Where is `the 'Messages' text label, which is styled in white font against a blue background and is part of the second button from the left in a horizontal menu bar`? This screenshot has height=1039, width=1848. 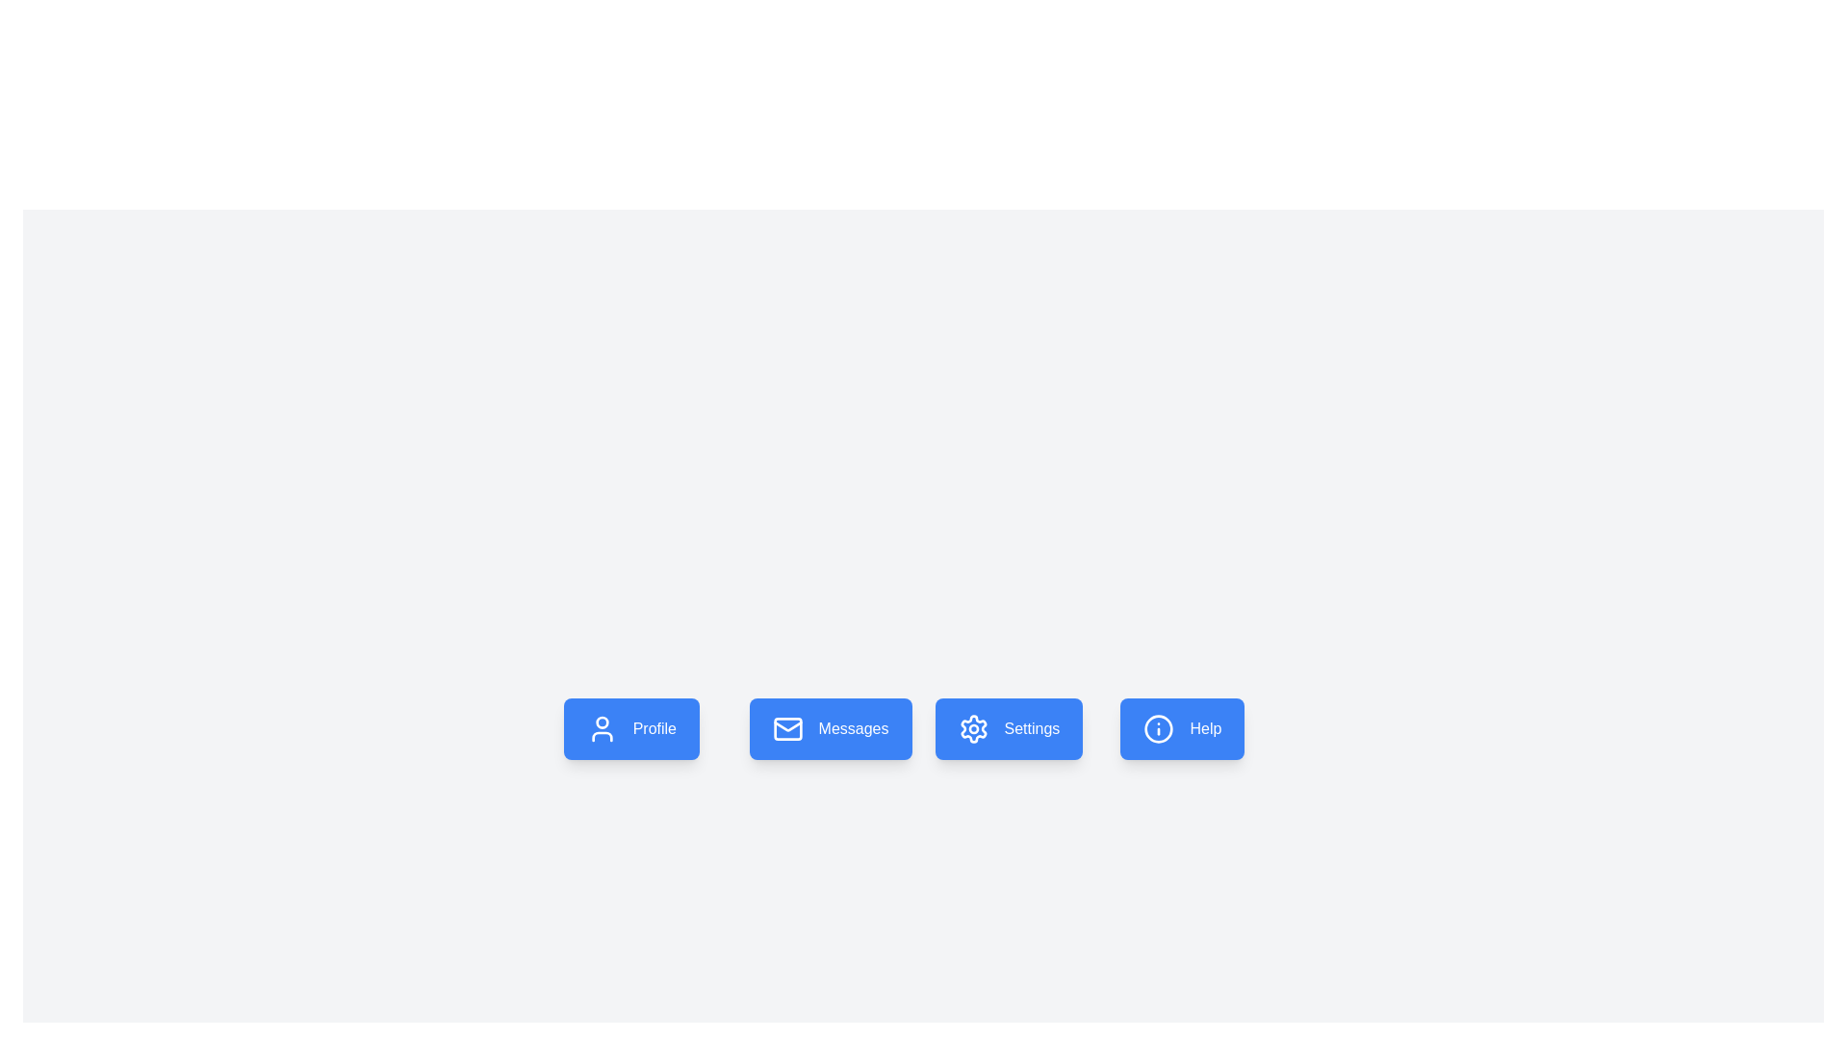
the 'Messages' text label, which is styled in white font against a blue background and is part of the second button from the left in a horizontal menu bar is located at coordinates (853, 729).